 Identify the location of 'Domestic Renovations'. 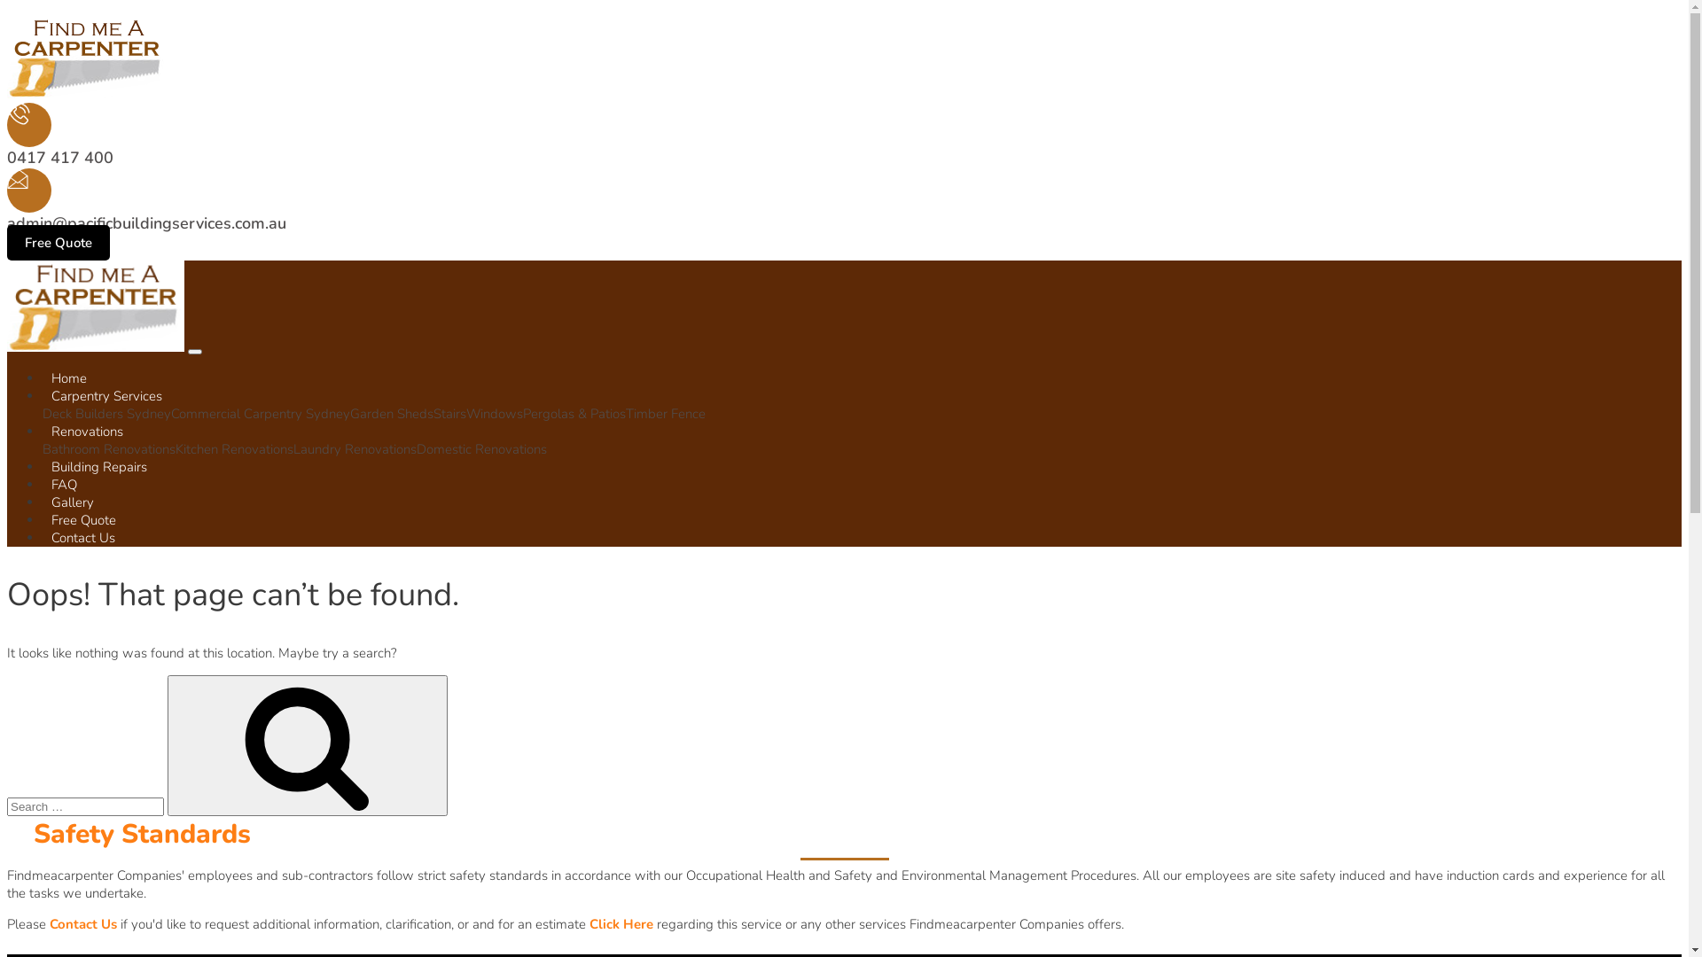
(481, 447).